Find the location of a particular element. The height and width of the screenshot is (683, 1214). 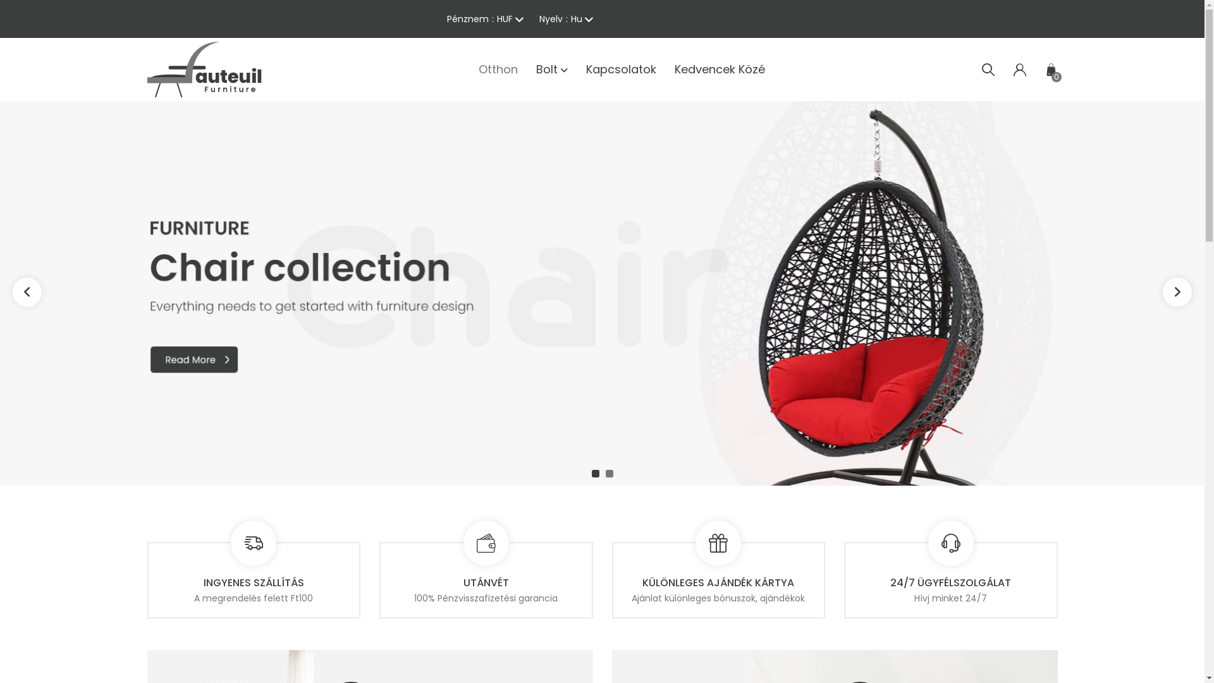

'Otthon' is located at coordinates (497, 70).